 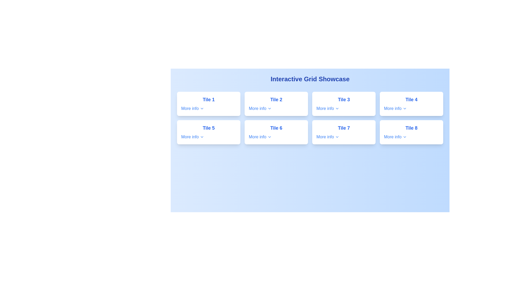 What do you see at coordinates (395, 108) in the screenshot?
I see `the button located in 'Tile 4'` at bounding box center [395, 108].